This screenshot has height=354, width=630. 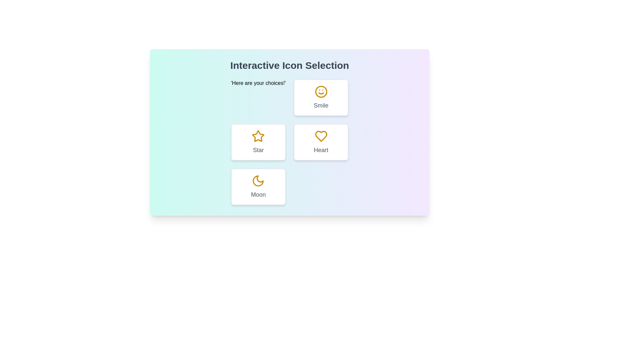 I want to click on the 'Smile' button located in the top-right quadrant of the grid layout, so click(x=321, y=97).